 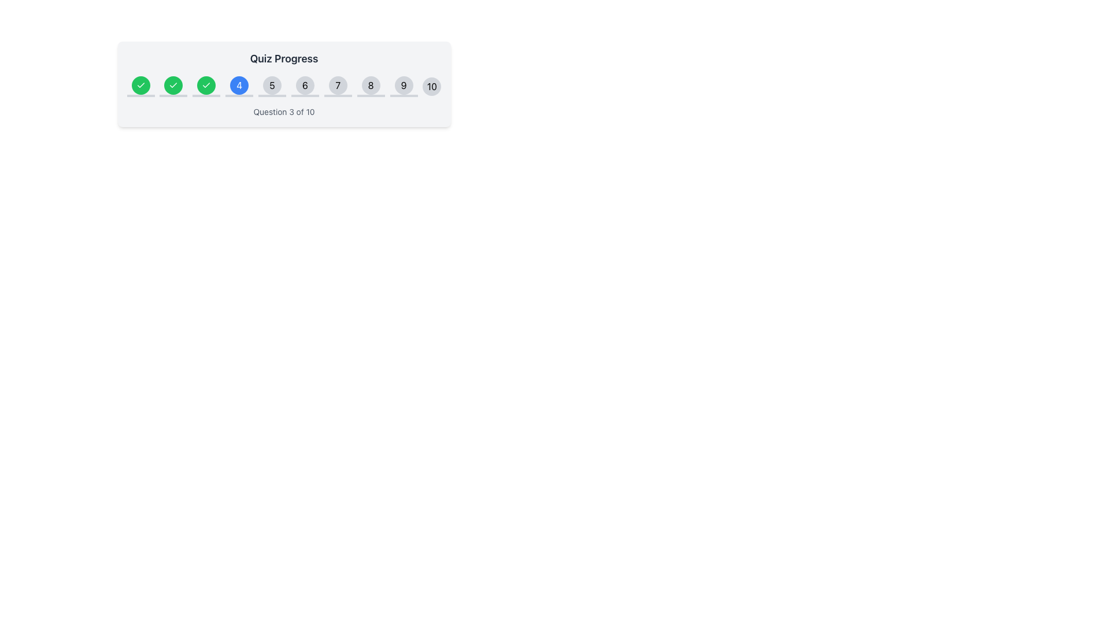 What do you see at coordinates (284, 112) in the screenshot?
I see `static text label that indicates the current question number in the quiz, located below the progress tracker and centered horizontally` at bounding box center [284, 112].